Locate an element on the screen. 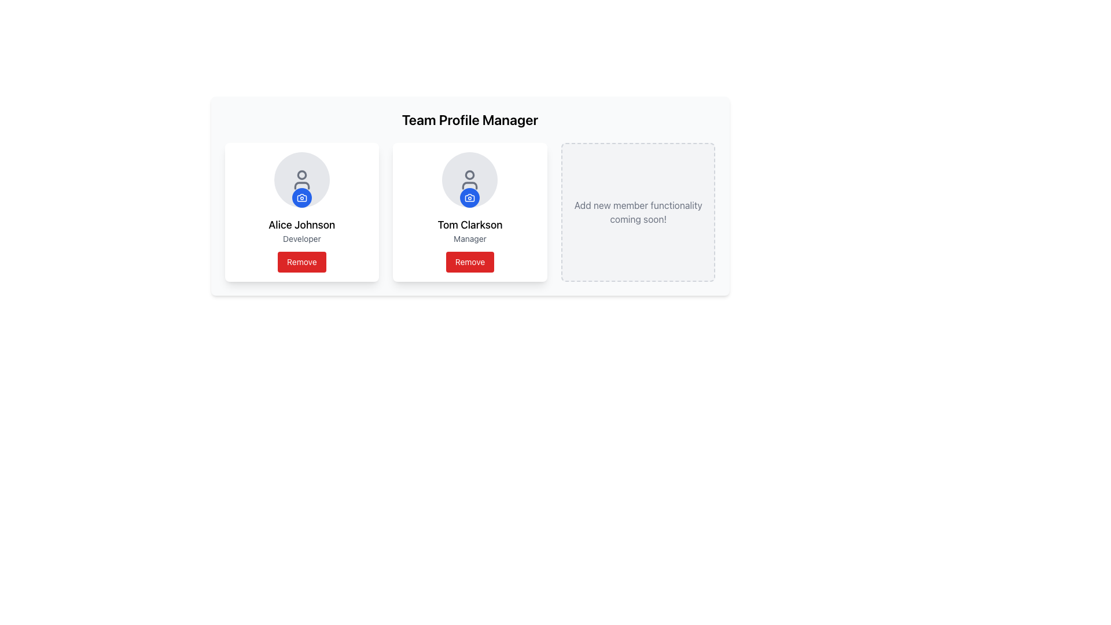 The width and height of the screenshot is (1111, 625). the profile image area of the Profile Display Card for 'Alice Johnson', which is the first card in a grid layout is located at coordinates (301, 212).